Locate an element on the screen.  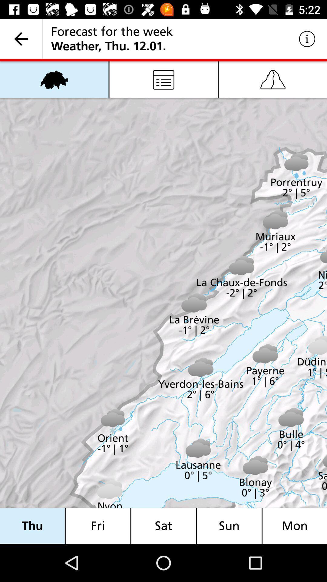
the item next to sun icon is located at coordinates (163, 526).